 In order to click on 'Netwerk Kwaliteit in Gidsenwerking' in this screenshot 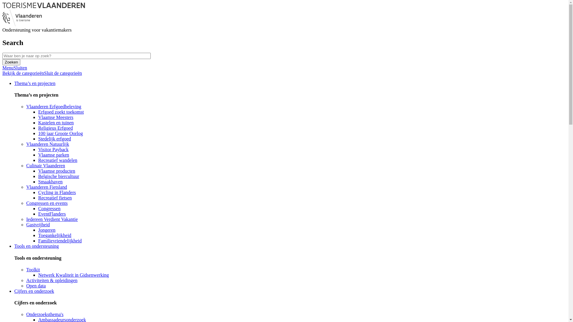, I will do `click(73, 275)`.